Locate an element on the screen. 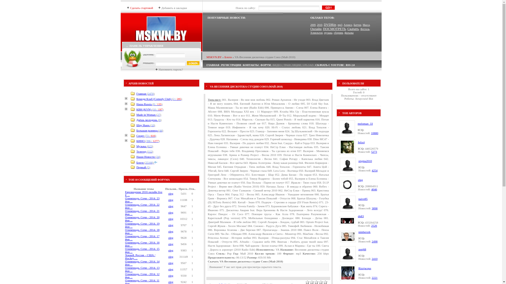 Image resolution: width=506 pixels, height=284 pixels. '2526' is located at coordinates (374, 225).